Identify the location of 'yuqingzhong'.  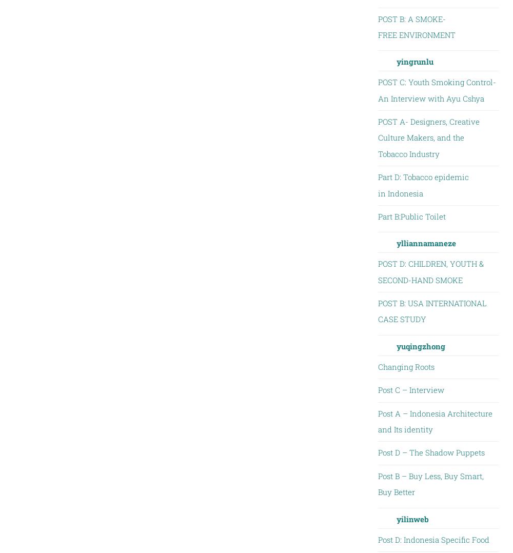
(420, 345).